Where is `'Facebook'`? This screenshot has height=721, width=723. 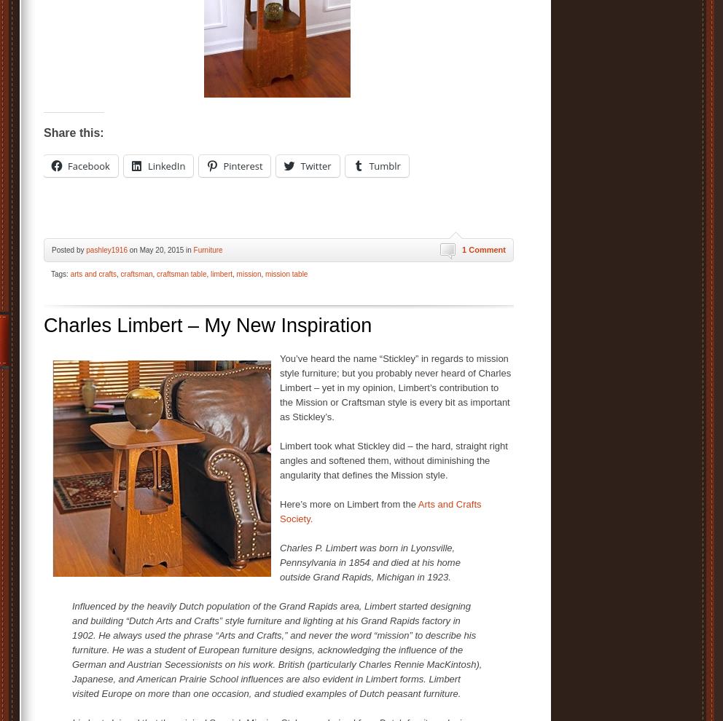 'Facebook' is located at coordinates (67, 165).